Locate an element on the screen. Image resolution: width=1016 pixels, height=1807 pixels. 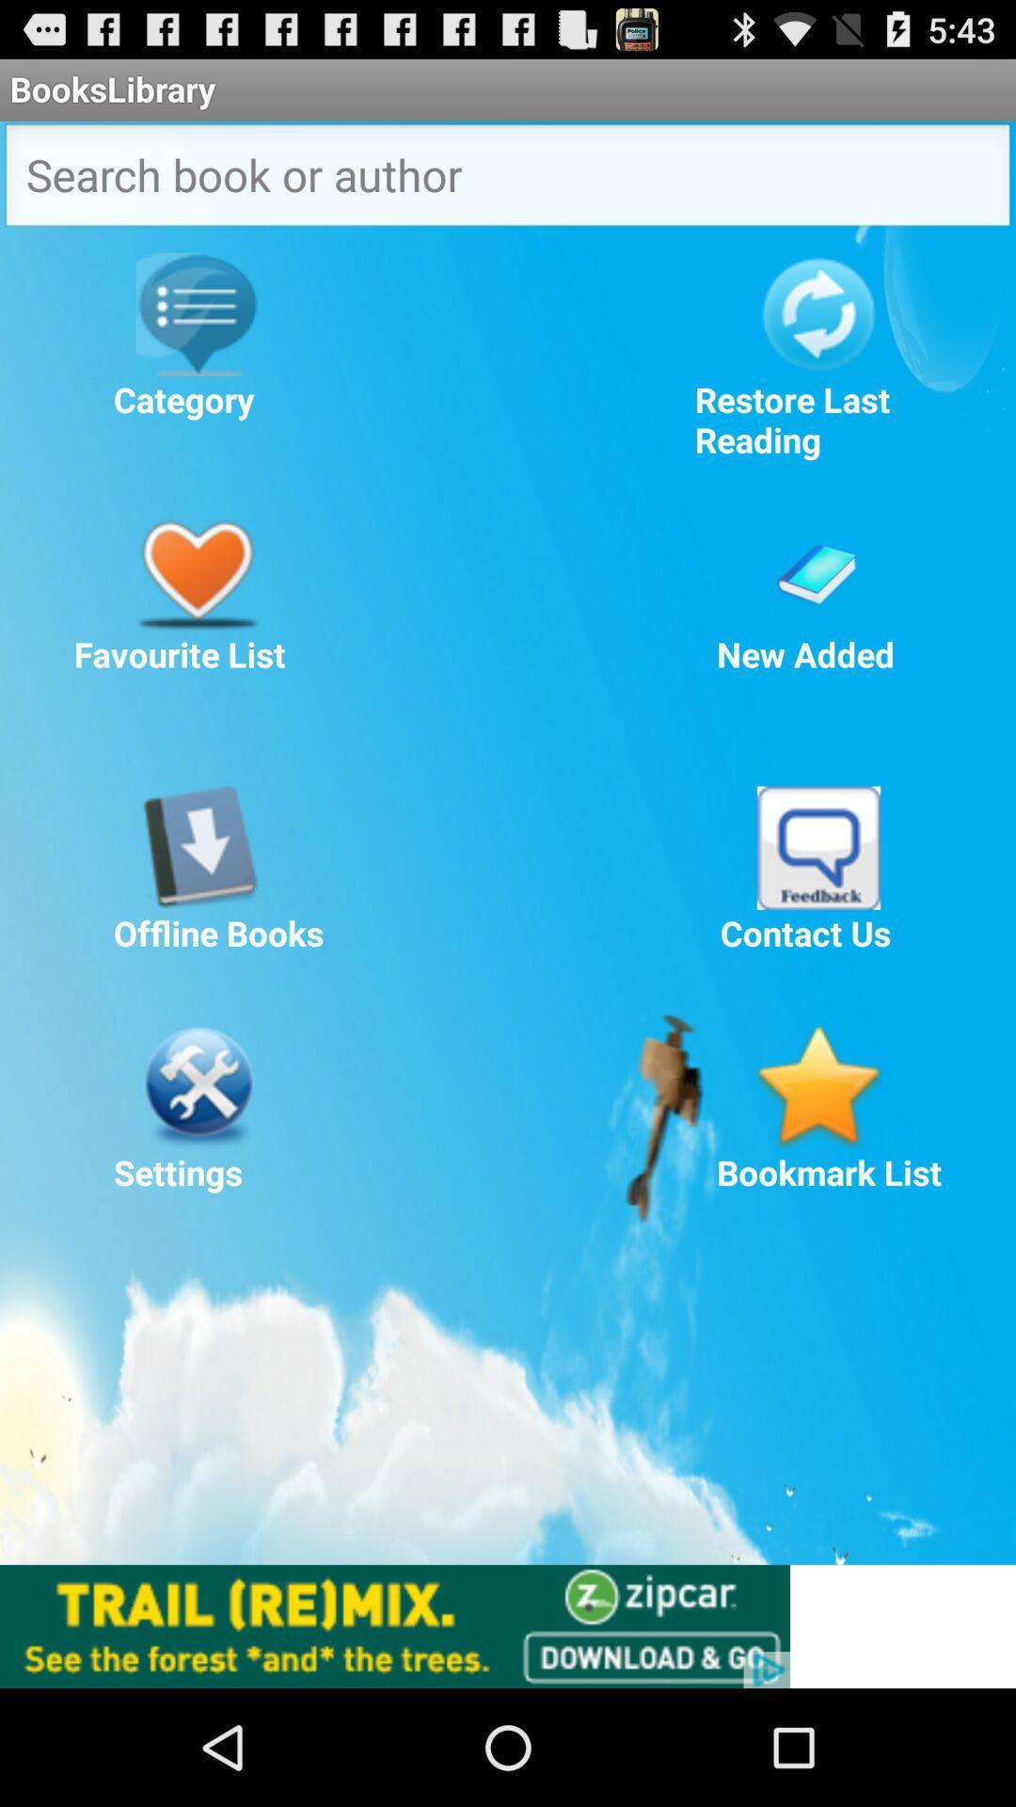
new added is located at coordinates (818, 568).